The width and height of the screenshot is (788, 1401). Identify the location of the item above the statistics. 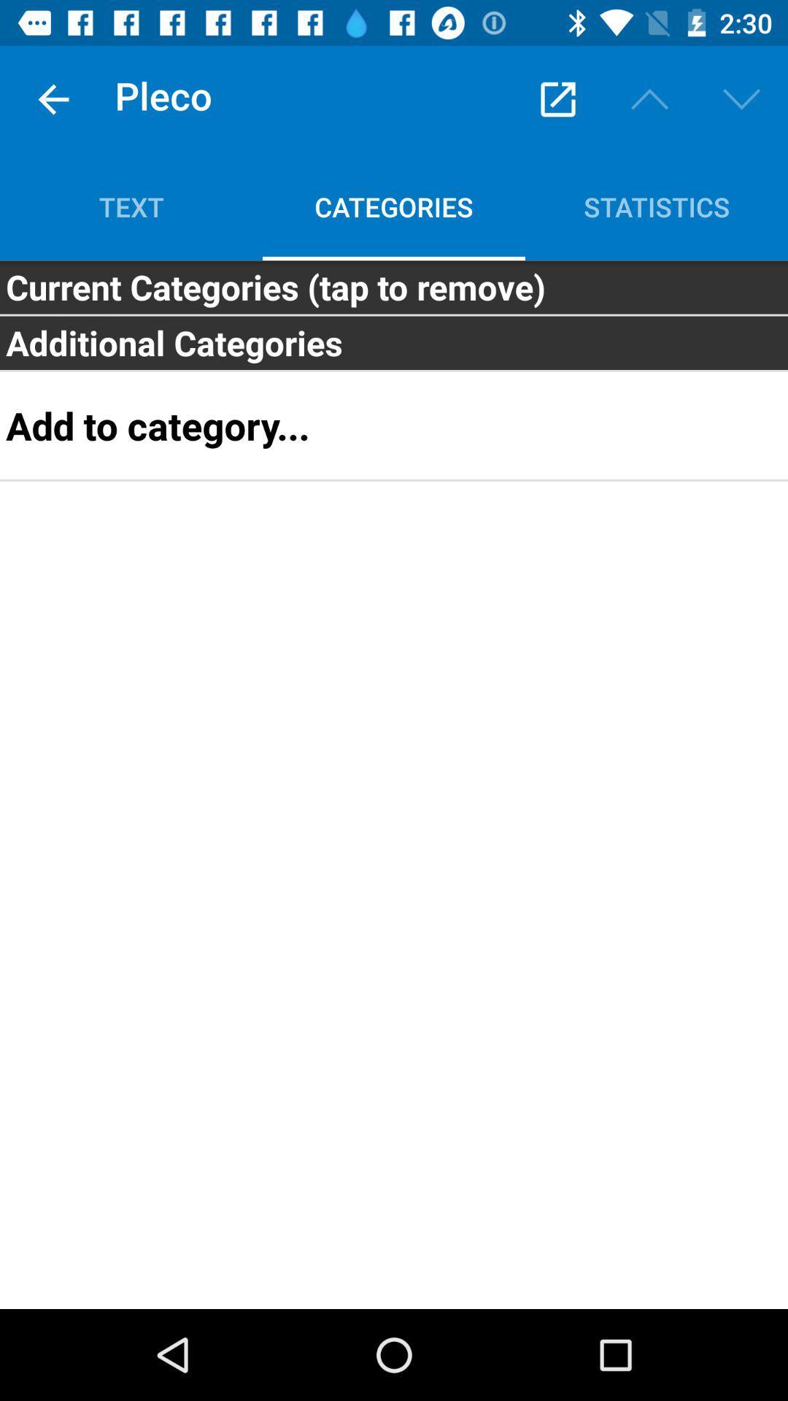
(649, 99).